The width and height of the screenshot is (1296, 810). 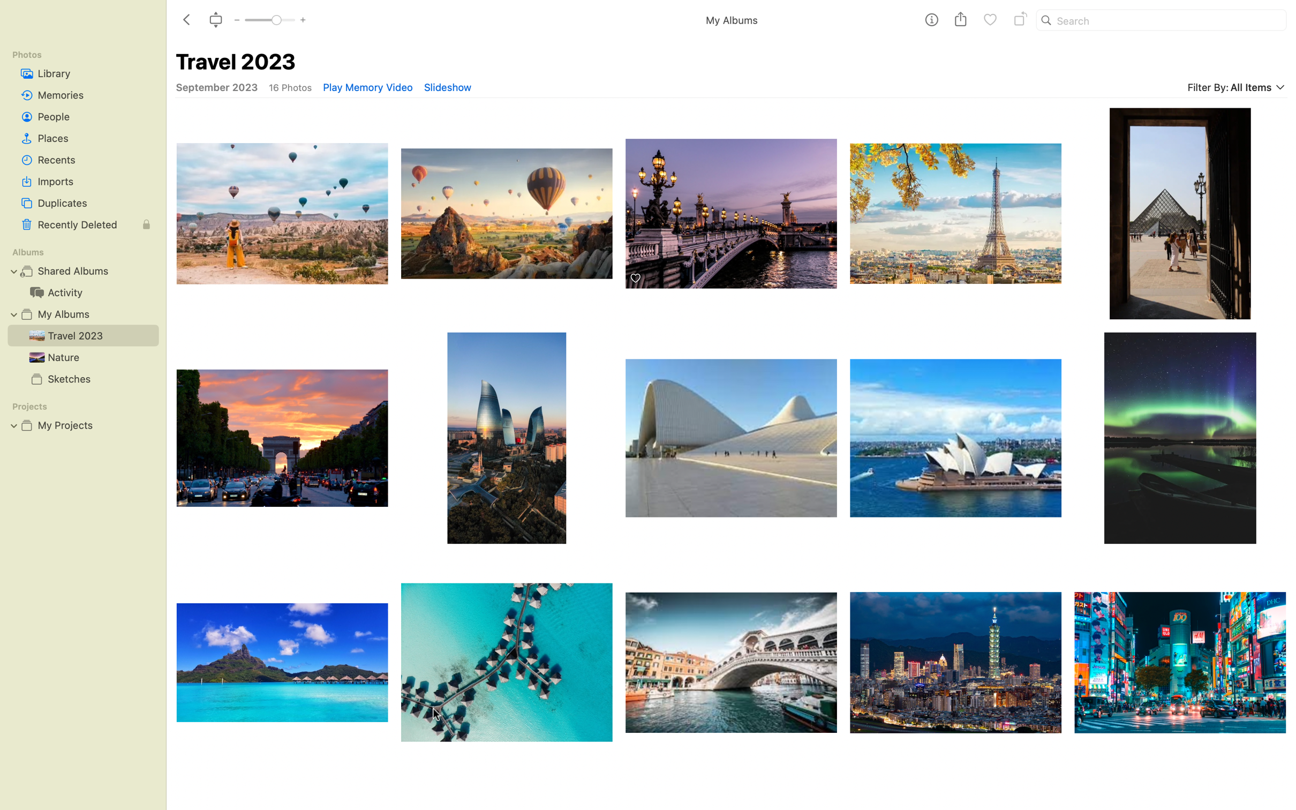 I want to click on the "Nature" album and magnify the photos using the top navigation bar, so click(x=79, y=356).